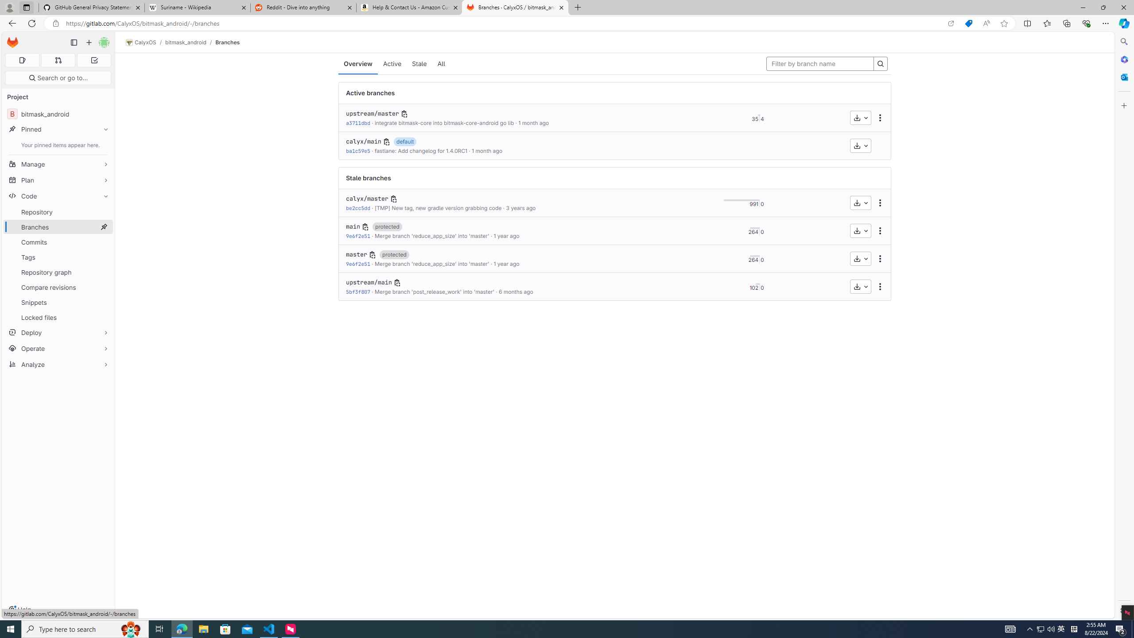 Image resolution: width=1134 pixels, height=638 pixels. I want to click on 'View site information', so click(55, 23).